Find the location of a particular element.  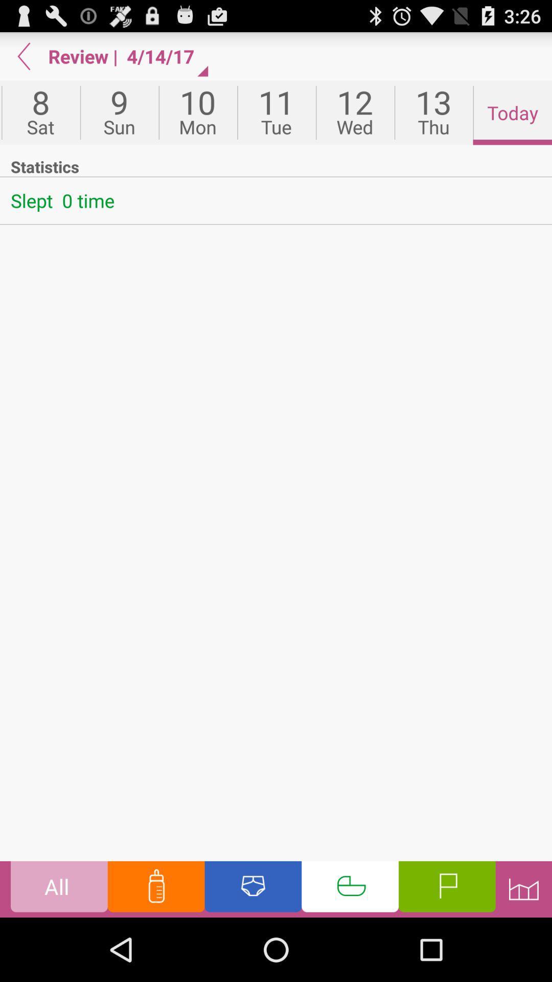

go back is located at coordinates (24, 56).